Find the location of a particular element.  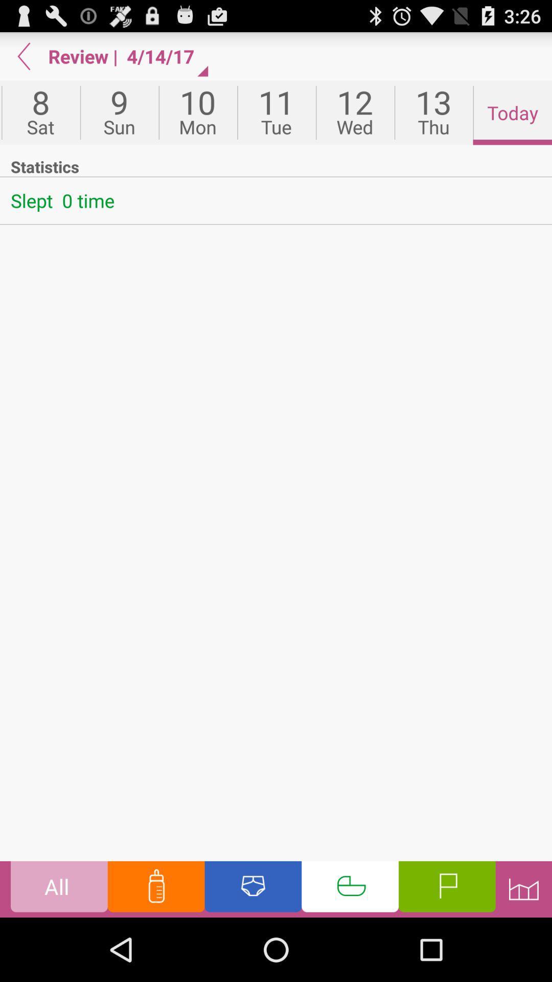

go back is located at coordinates (24, 56).